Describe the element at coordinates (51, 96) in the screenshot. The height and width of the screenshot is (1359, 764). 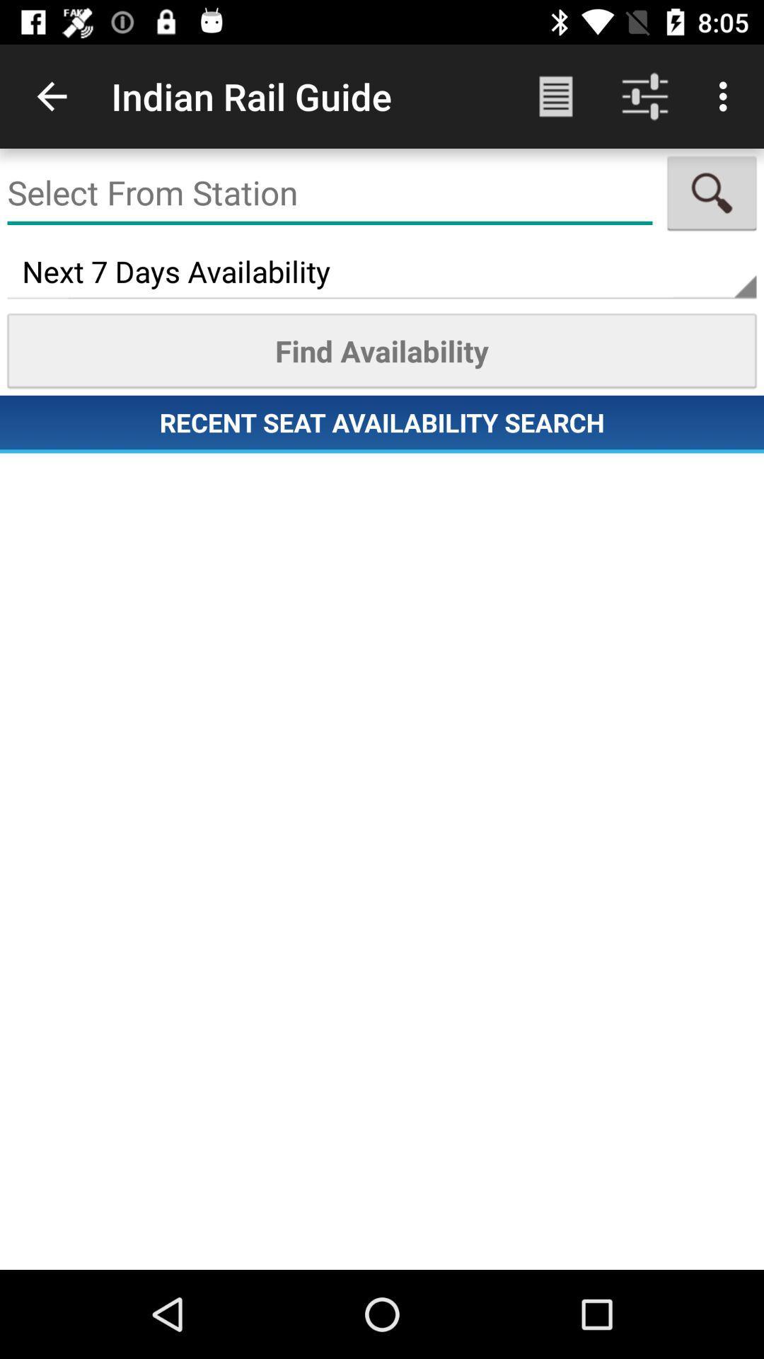
I see `icon to the left of indian rail guide item` at that location.